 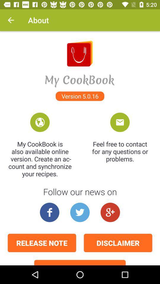 What do you see at coordinates (80, 212) in the screenshot?
I see `the twitter icon` at bounding box center [80, 212].